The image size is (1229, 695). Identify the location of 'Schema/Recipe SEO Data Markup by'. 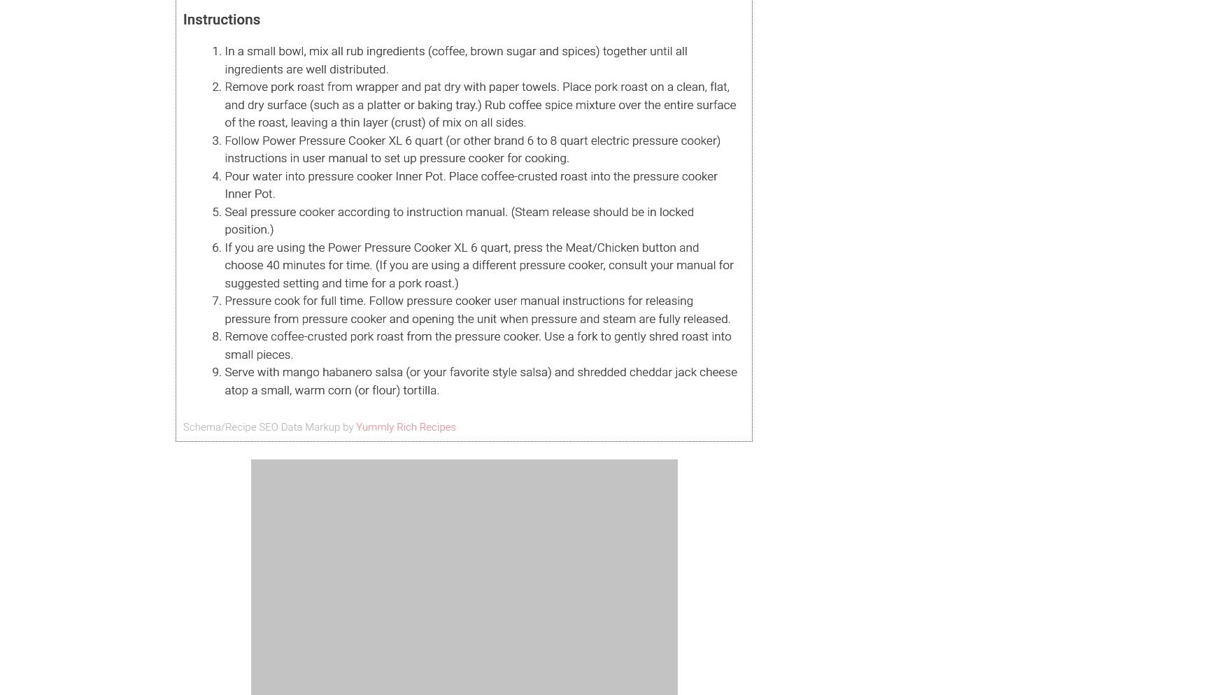
(269, 427).